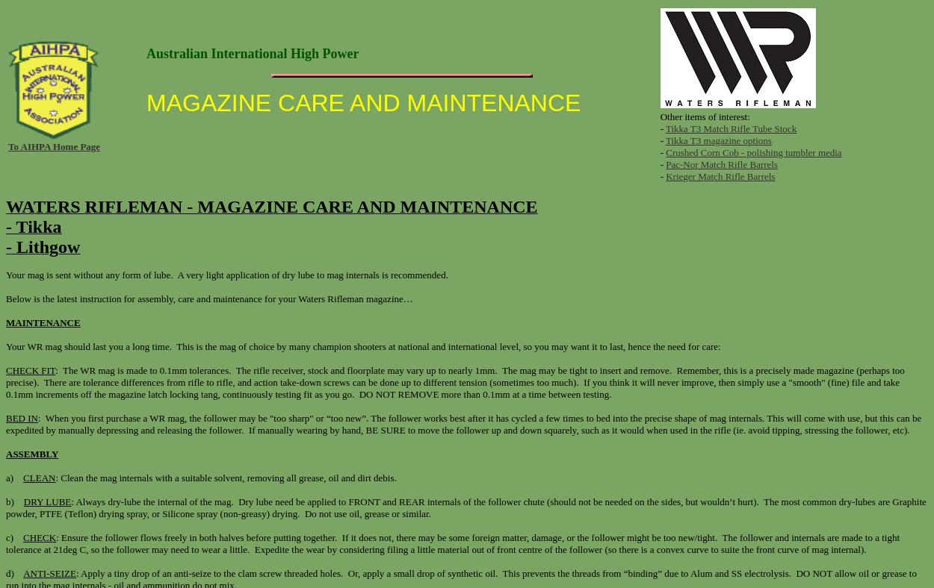 Image resolution: width=934 pixels, height=588 pixels. What do you see at coordinates (34, 227) in the screenshot?
I see `'-
Tikka'` at bounding box center [34, 227].